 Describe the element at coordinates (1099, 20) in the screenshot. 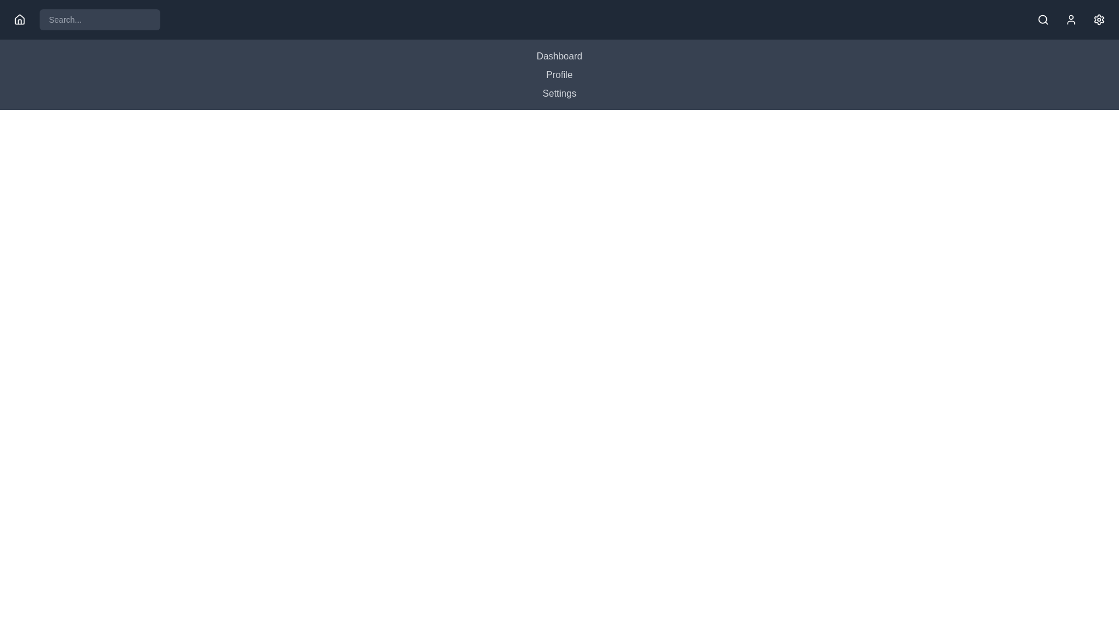

I see `the settings icon represented by a gear-like symbol located at the top-right corner of the interface` at that location.